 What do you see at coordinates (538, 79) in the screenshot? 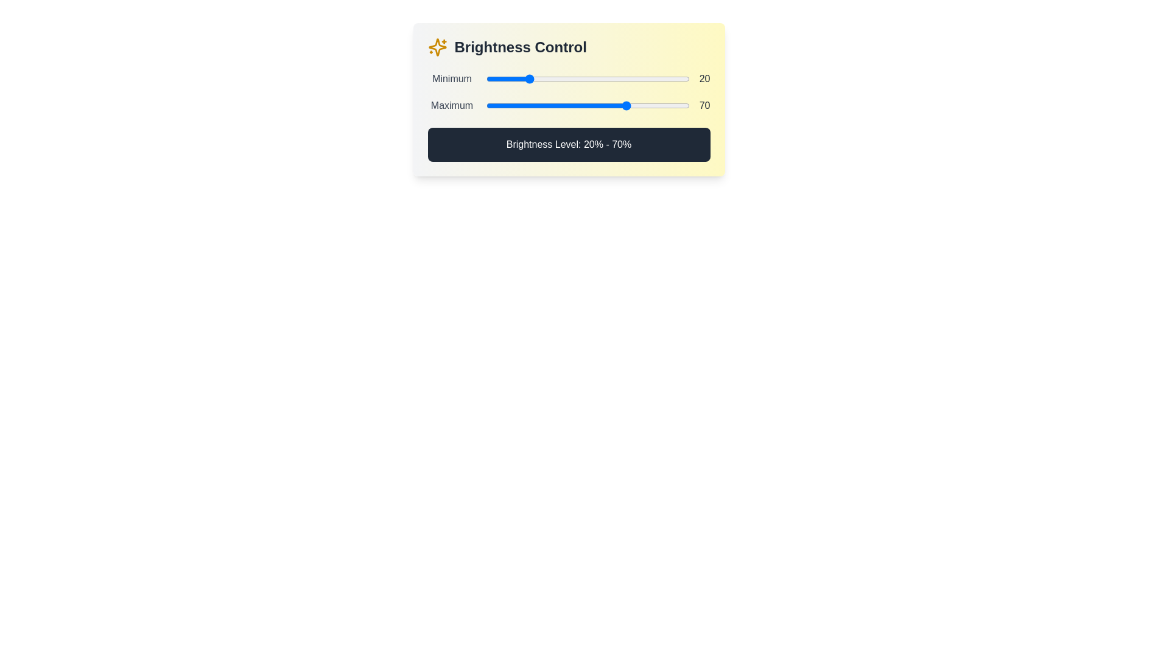
I see `the minimum brightness level to 26% by interacting with the first slider` at bounding box center [538, 79].